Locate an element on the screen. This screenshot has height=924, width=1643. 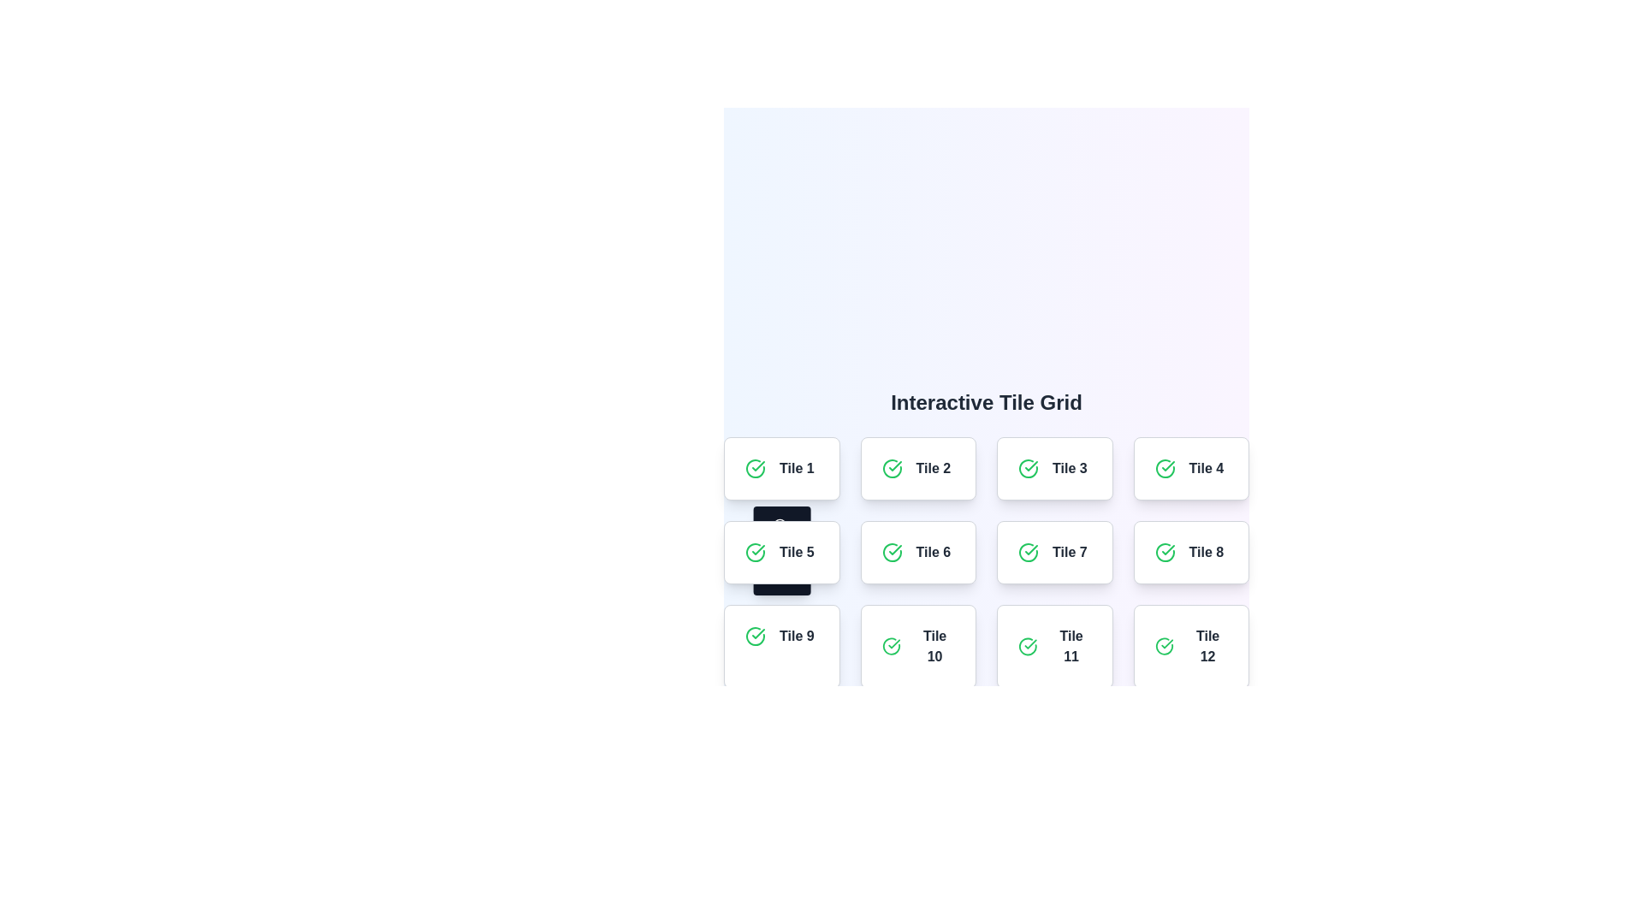
the green checkmark icon inside a circular outline, located to the left of the 'Tile 3' button, which indicates a confirmation or success action is located at coordinates (1027, 468).